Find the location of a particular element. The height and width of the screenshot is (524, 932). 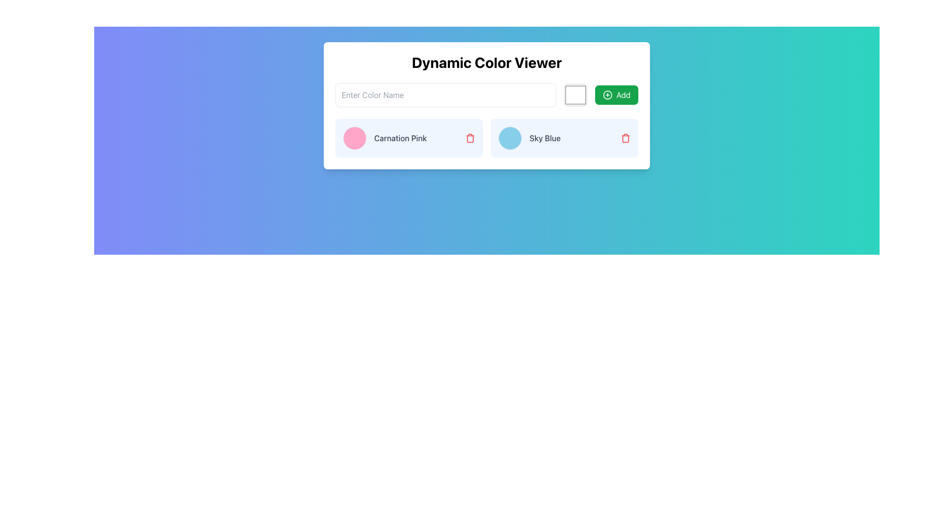

the circular green outlined icon with a plus sign, which is the leftmost part of the green 'Add' button is located at coordinates (607, 95).